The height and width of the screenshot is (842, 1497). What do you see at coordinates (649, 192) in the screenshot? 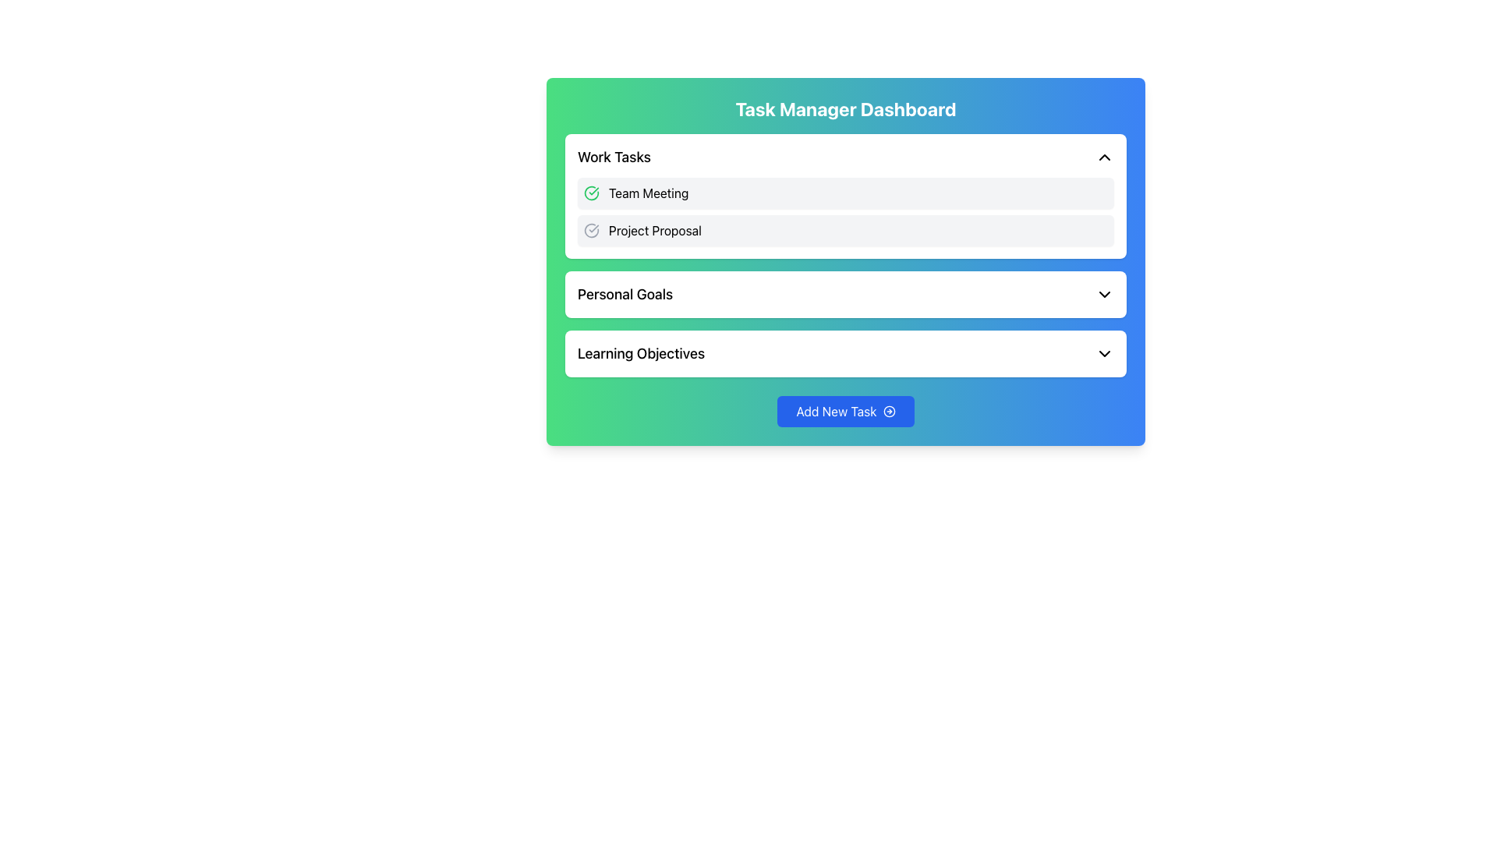
I see `the text label that identifies the task 'Team Meeting' in the 'Work Tasks' category of the 'Task Manager Dashboard', which is positioned to the right of a green checkmark icon` at bounding box center [649, 192].